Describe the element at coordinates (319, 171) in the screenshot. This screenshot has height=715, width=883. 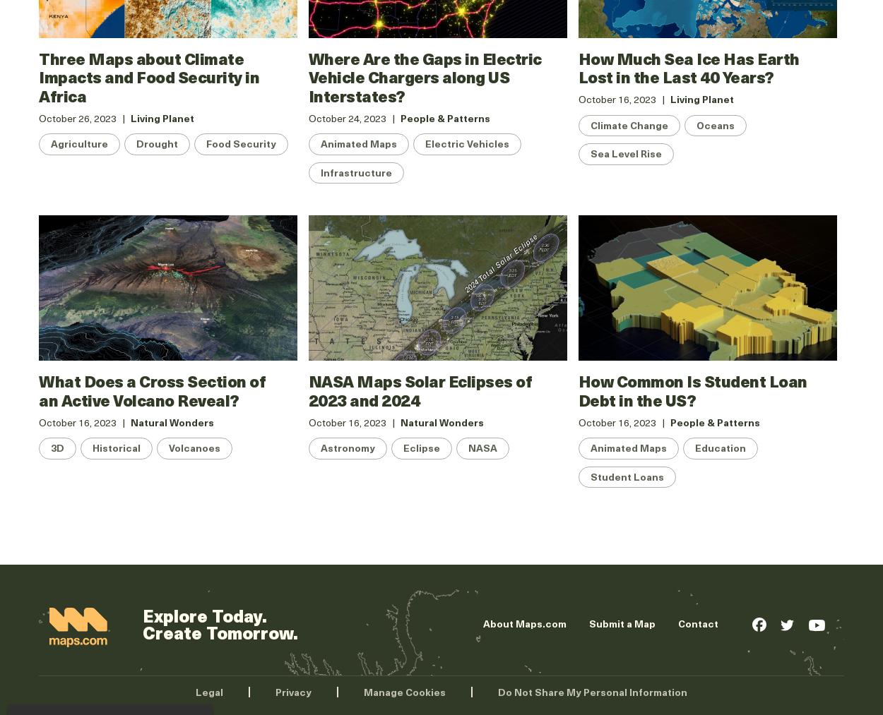
I see `'Infrastructure'` at that location.